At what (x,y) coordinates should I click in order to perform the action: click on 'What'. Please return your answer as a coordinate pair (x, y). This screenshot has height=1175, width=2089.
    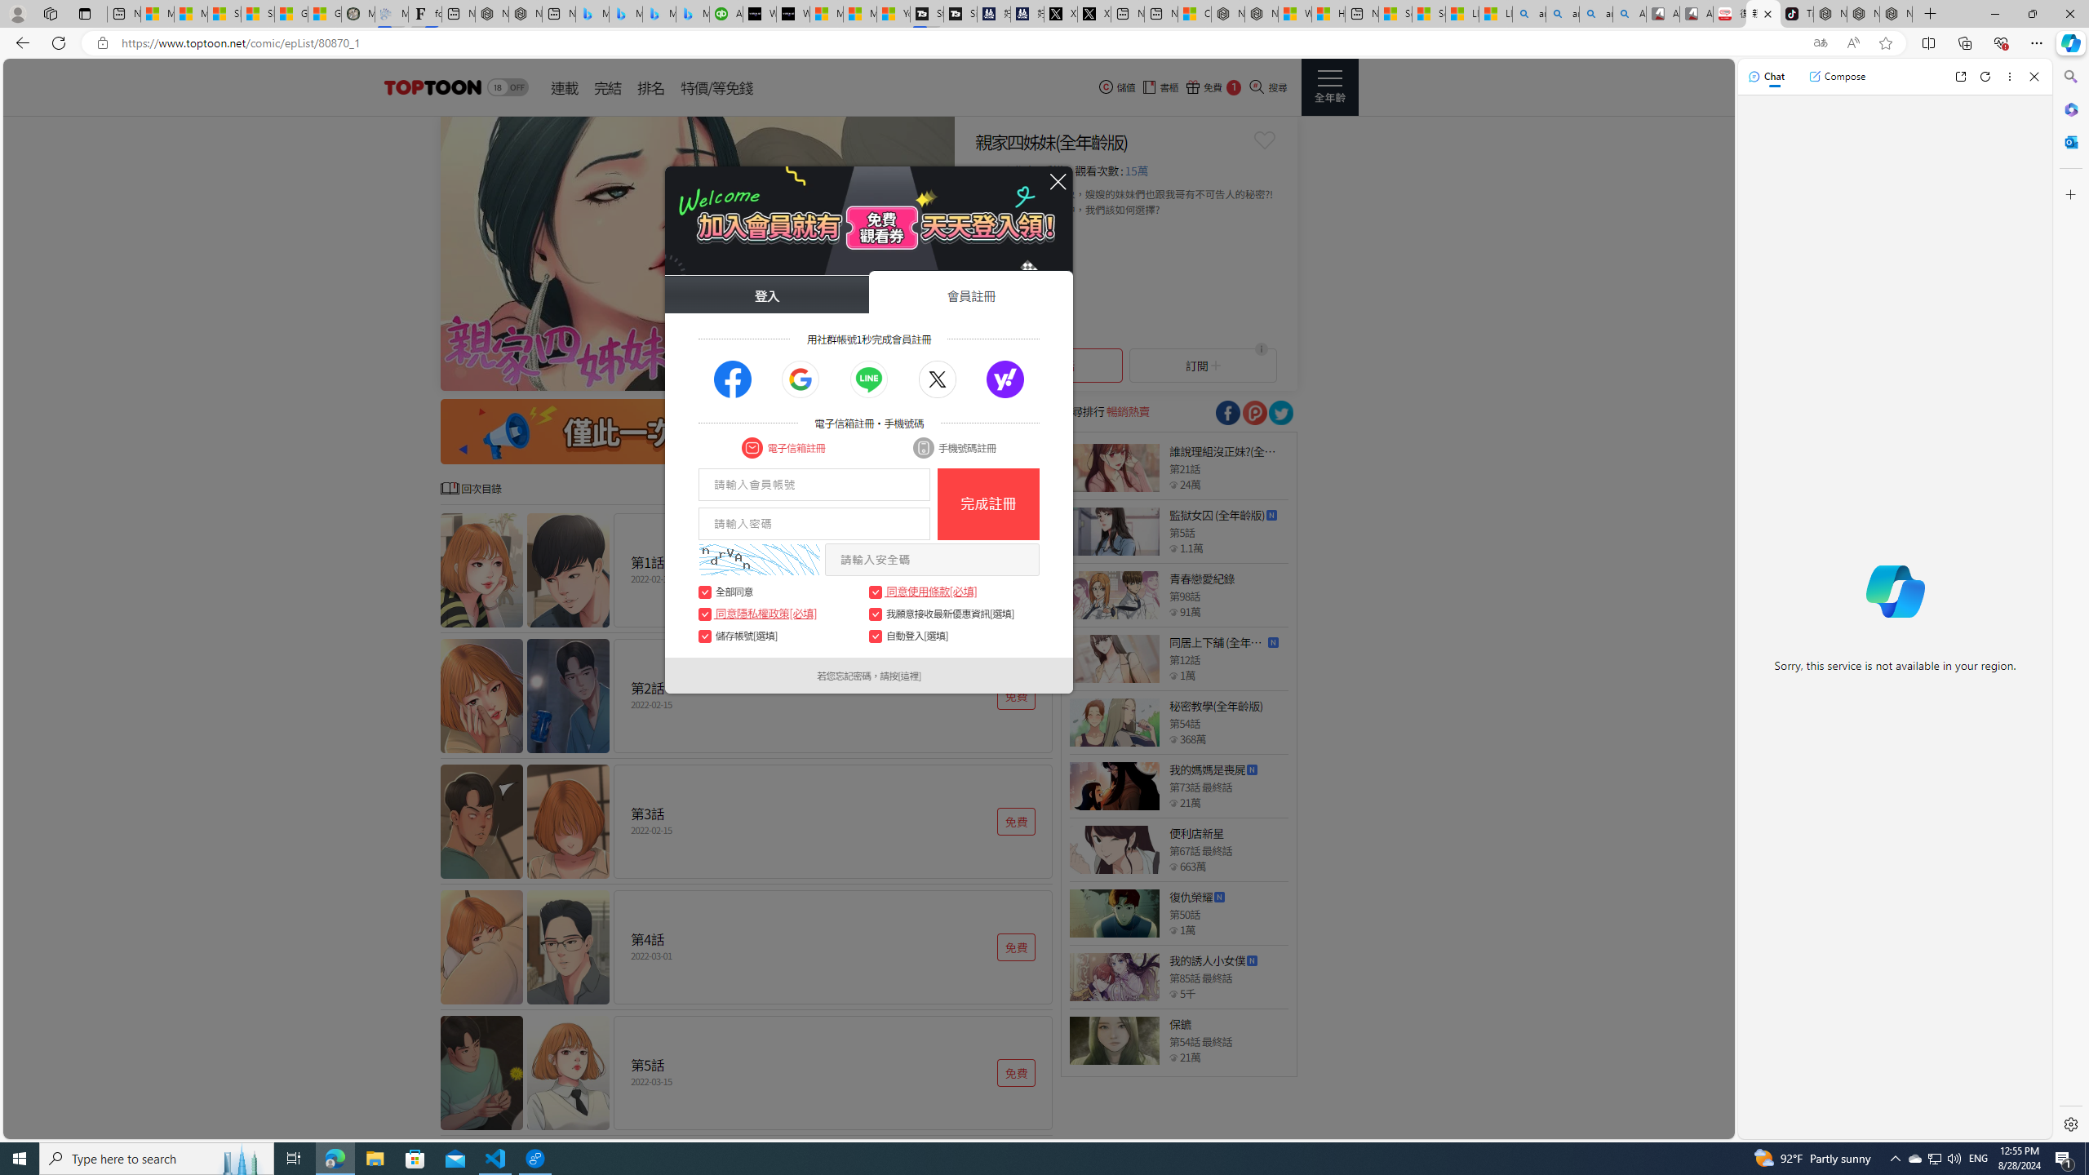
    Looking at the image, I should click on (792, 13).